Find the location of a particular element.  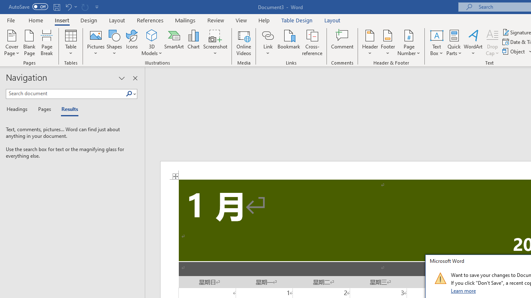

'WordArt' is located at coordinates (473, 43).